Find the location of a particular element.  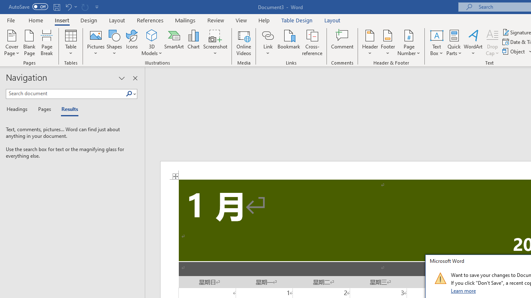

'WordArt' is located at coordinates (473, 43).